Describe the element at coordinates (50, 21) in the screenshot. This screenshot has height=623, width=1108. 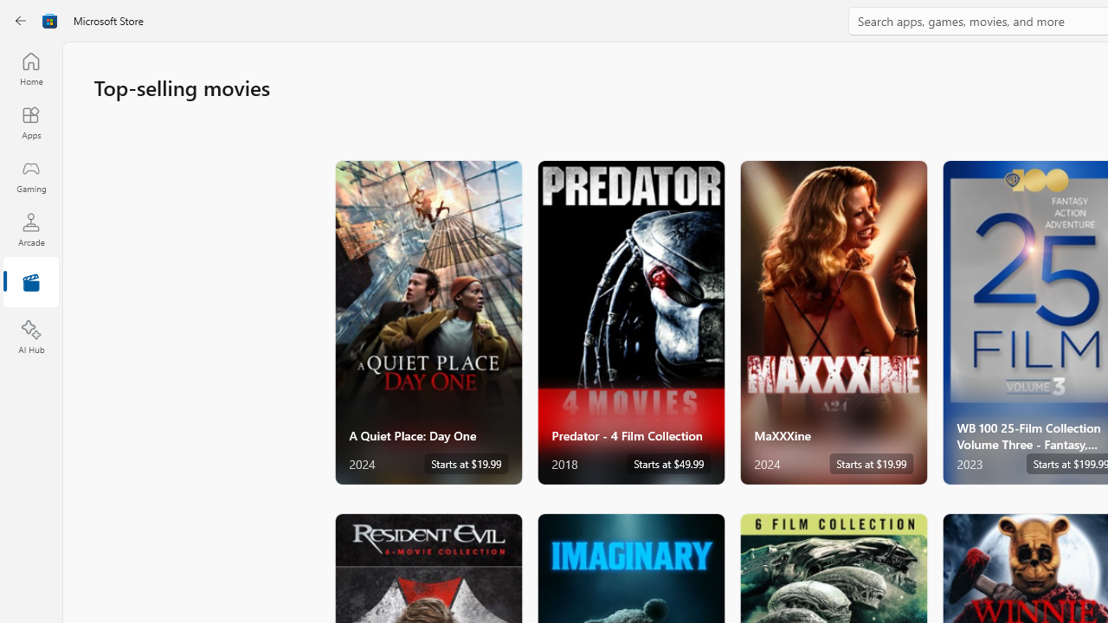
I see `'Class: Image'` at that location.